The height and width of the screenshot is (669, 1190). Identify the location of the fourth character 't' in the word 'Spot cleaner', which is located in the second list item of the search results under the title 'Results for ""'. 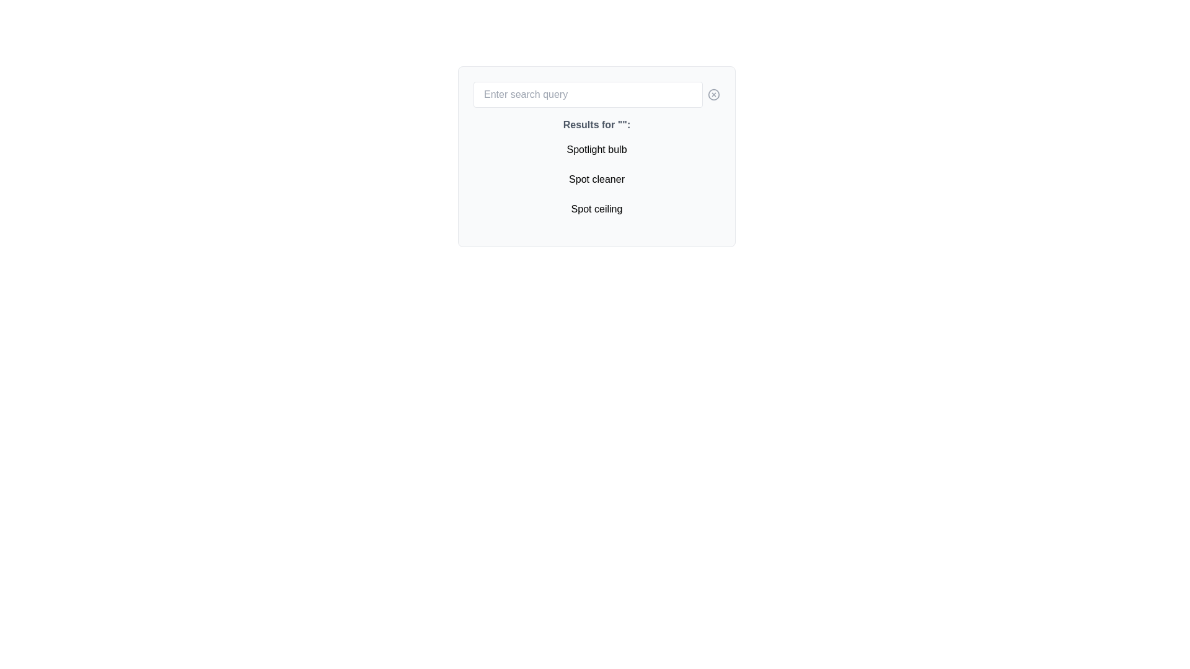
(583, 179).